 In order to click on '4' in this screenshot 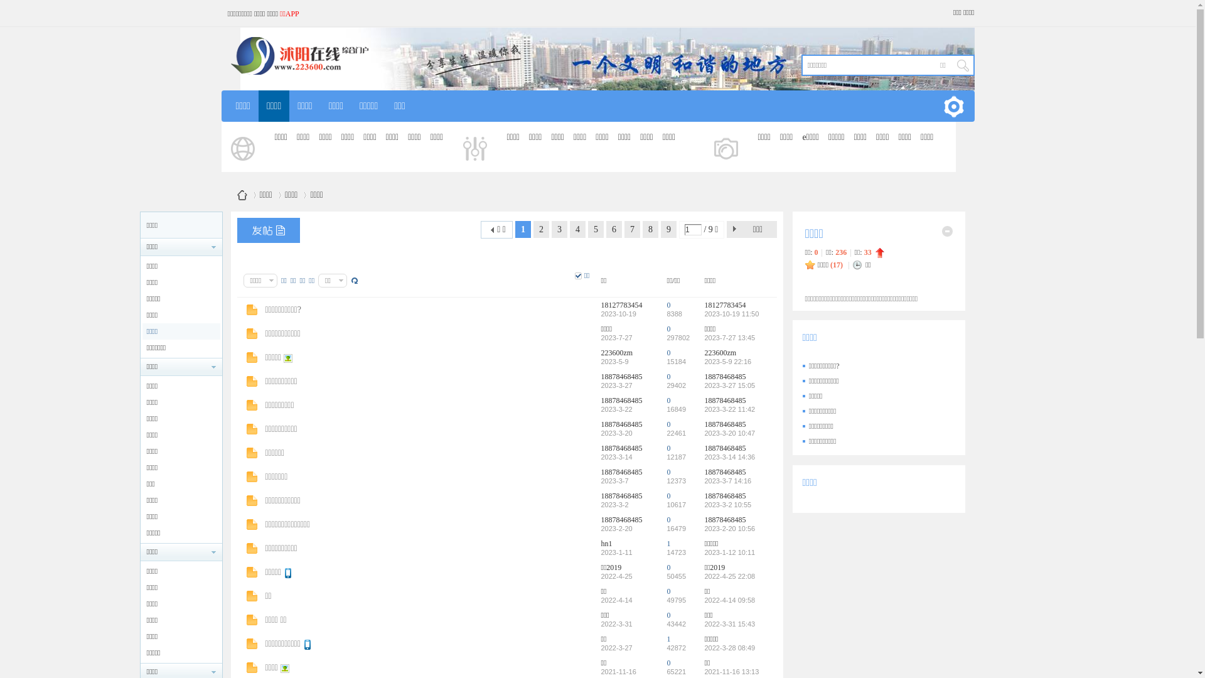, I will do `click(577, 229)`.